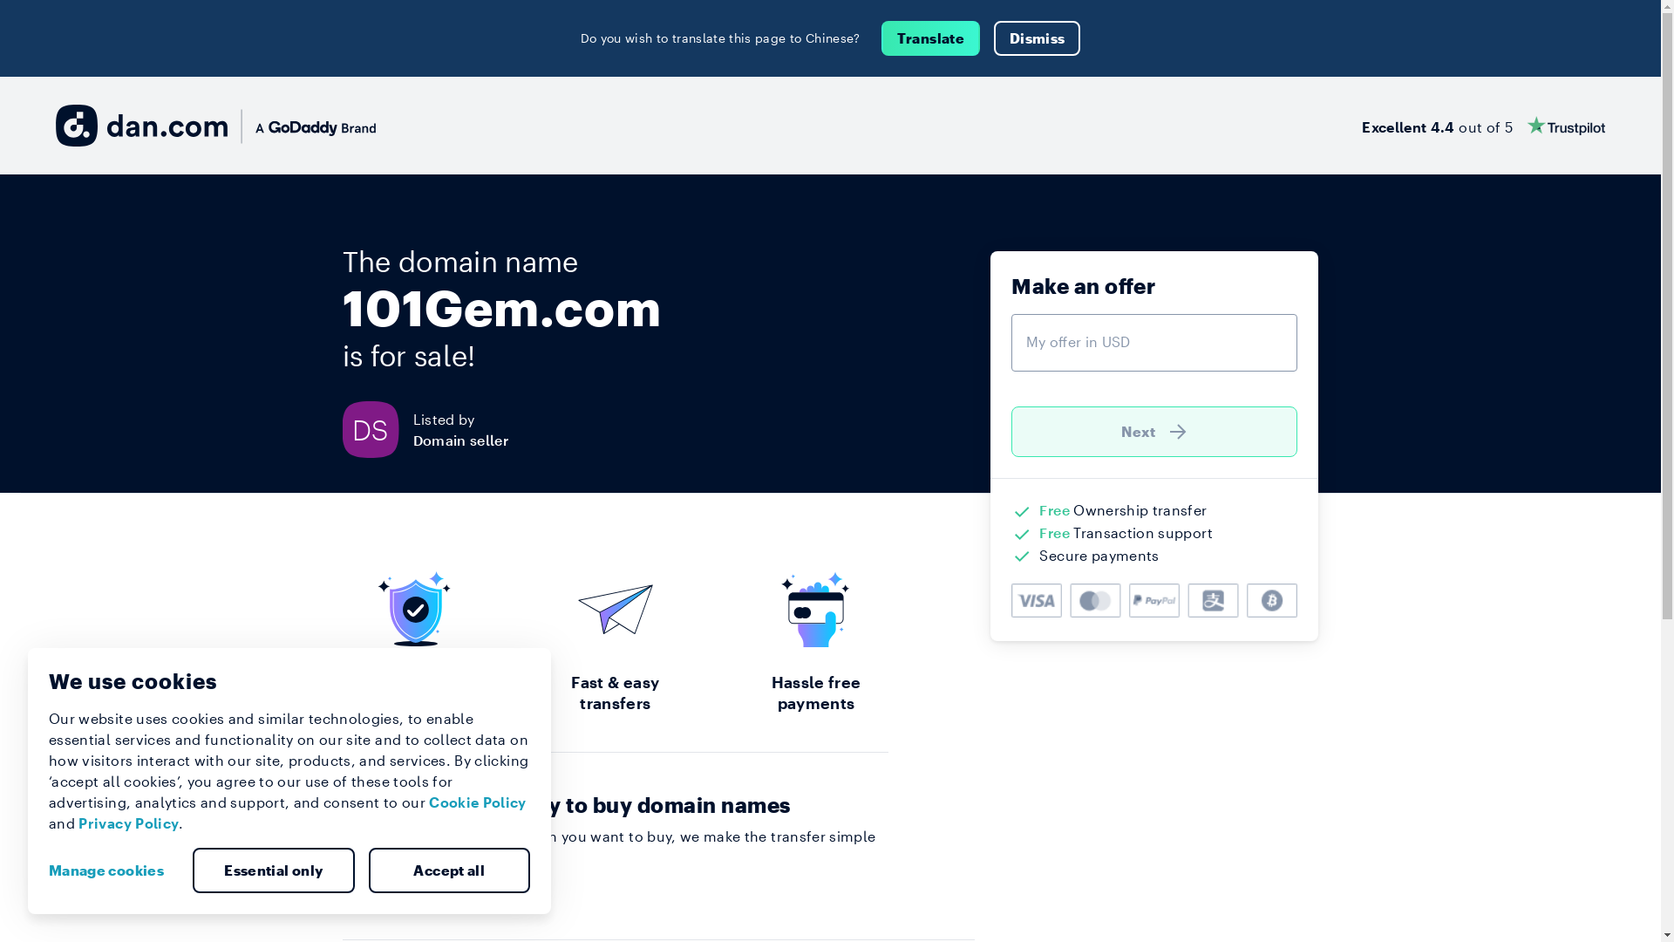  I want to click on 'Privacy Policy', so click(127, 823).